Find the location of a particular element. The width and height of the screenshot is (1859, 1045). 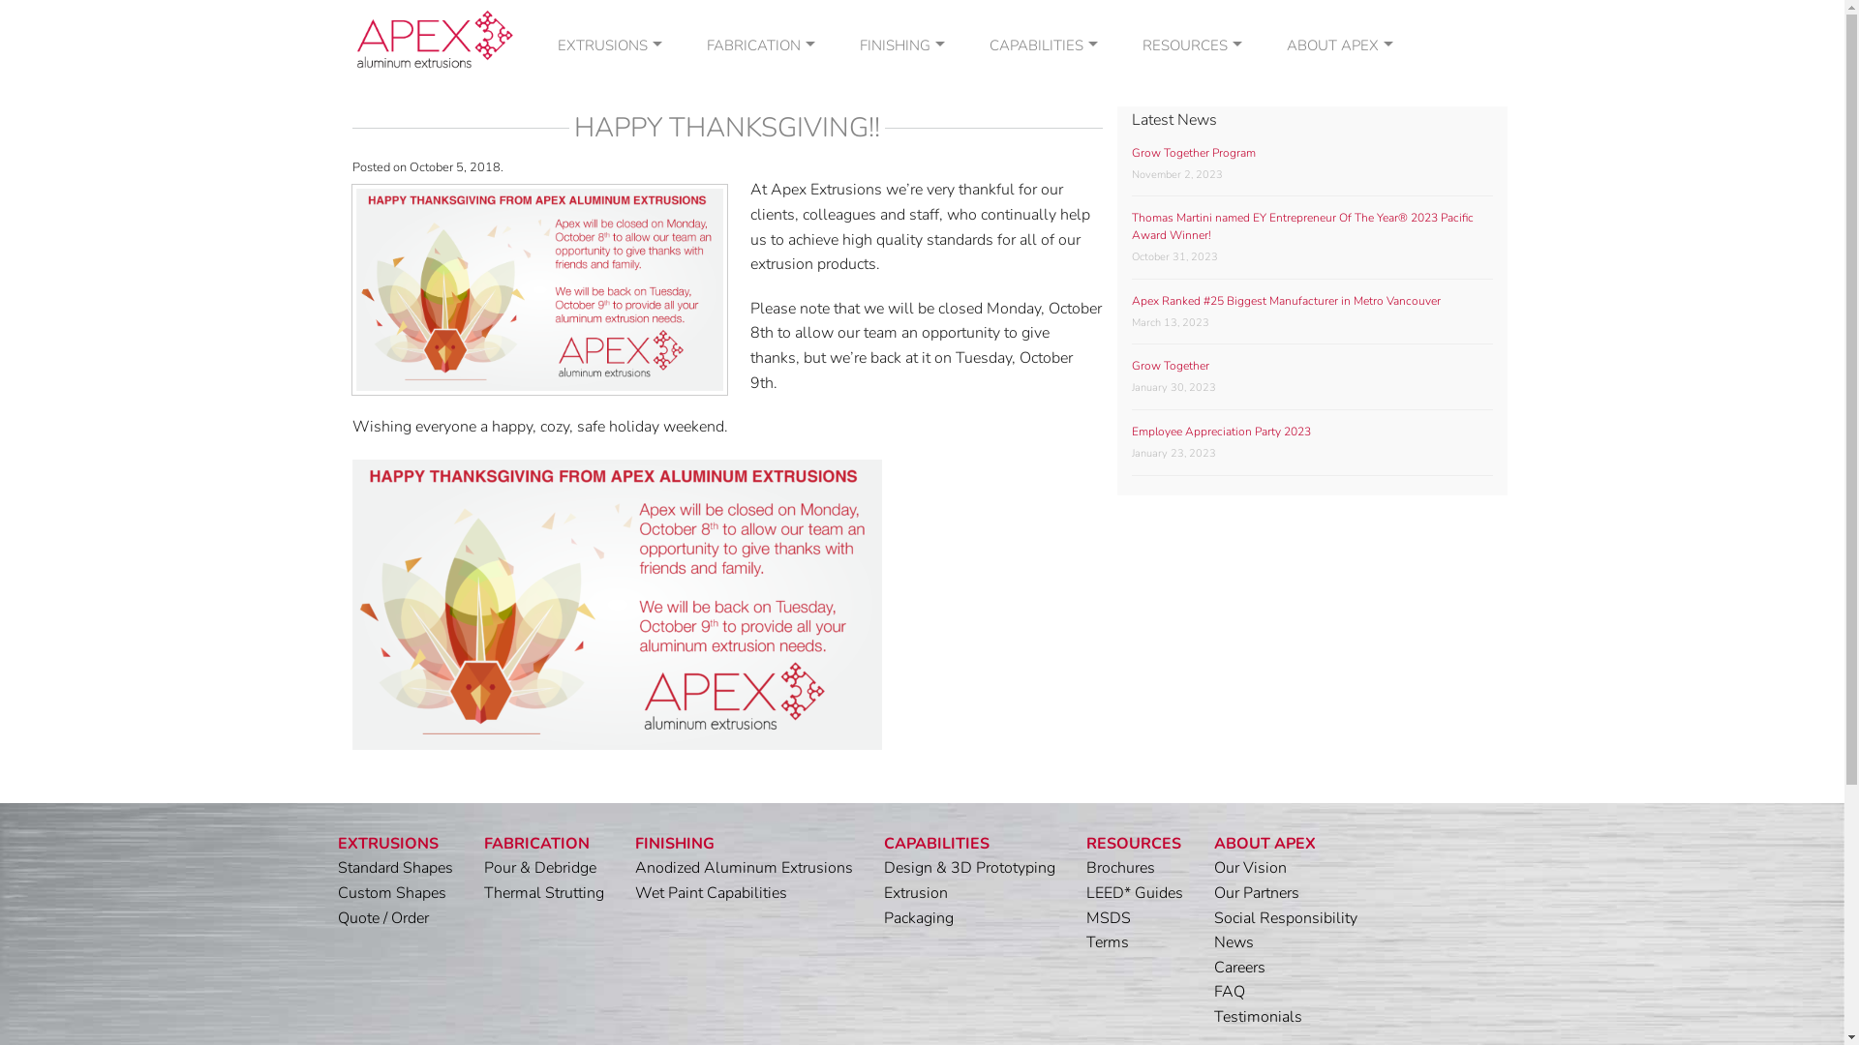

'Brochures' is located at coordinates (1120, 867).